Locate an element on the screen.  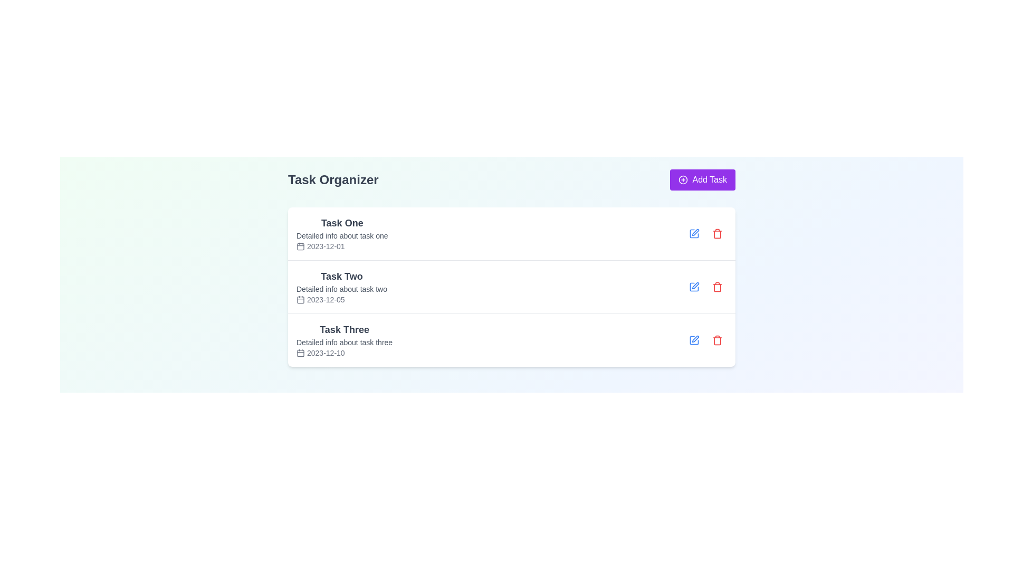
the heading text 'Task Three', which is styled as a bold, dark gray title for the associated task in the task list is located at coordinates (344, 329).